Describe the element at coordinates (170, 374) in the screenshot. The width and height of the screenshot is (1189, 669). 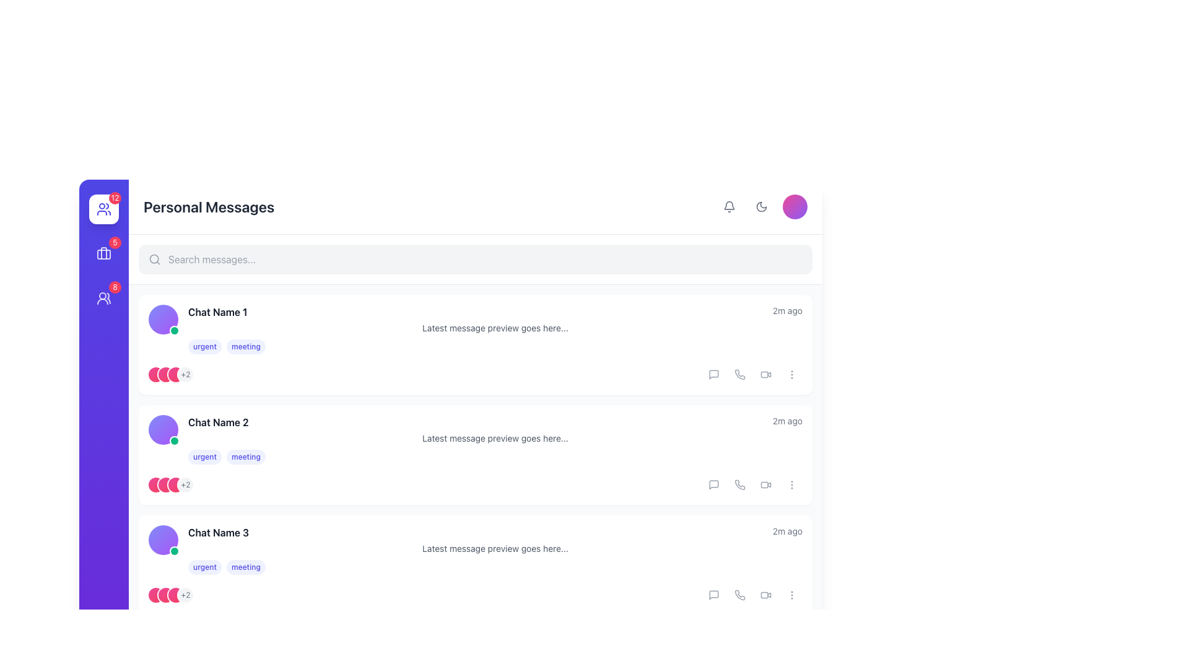
I see `text content of the Badge element, which has a light gray background and displays the text '+2', located in the left section of the chat entry for 'Chat Name 1'` at that location.